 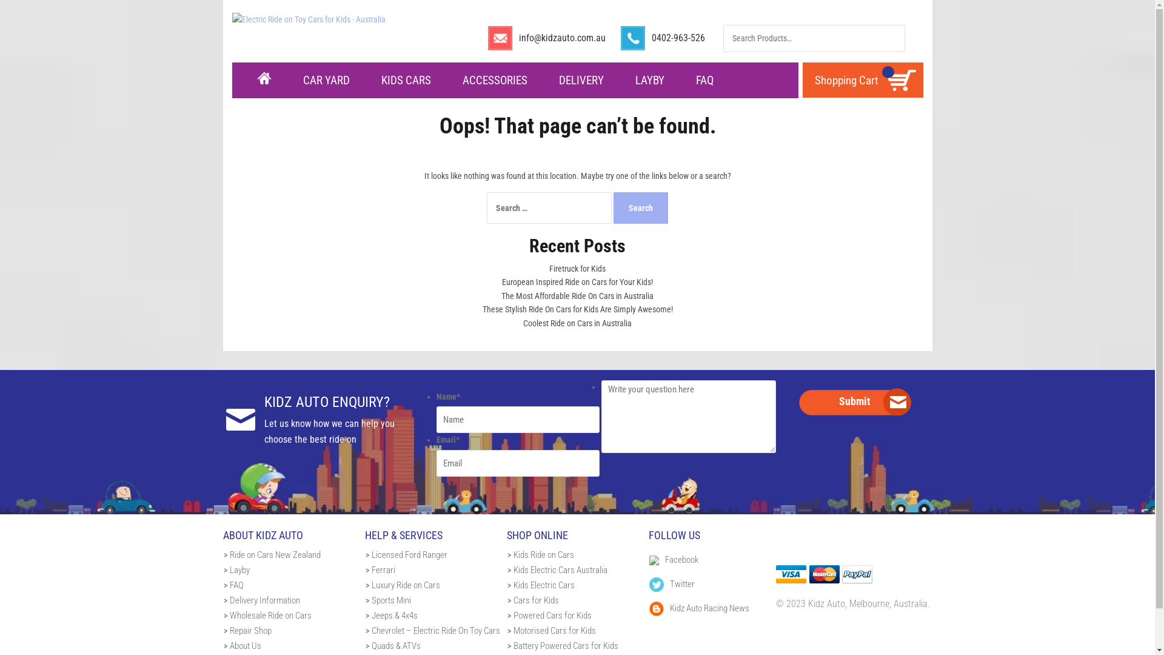 What do you see at coordinates (512, 645) in the screenshot?
I see `'Battery Powered Cars for Kids'` at bounding box center [512, 645].